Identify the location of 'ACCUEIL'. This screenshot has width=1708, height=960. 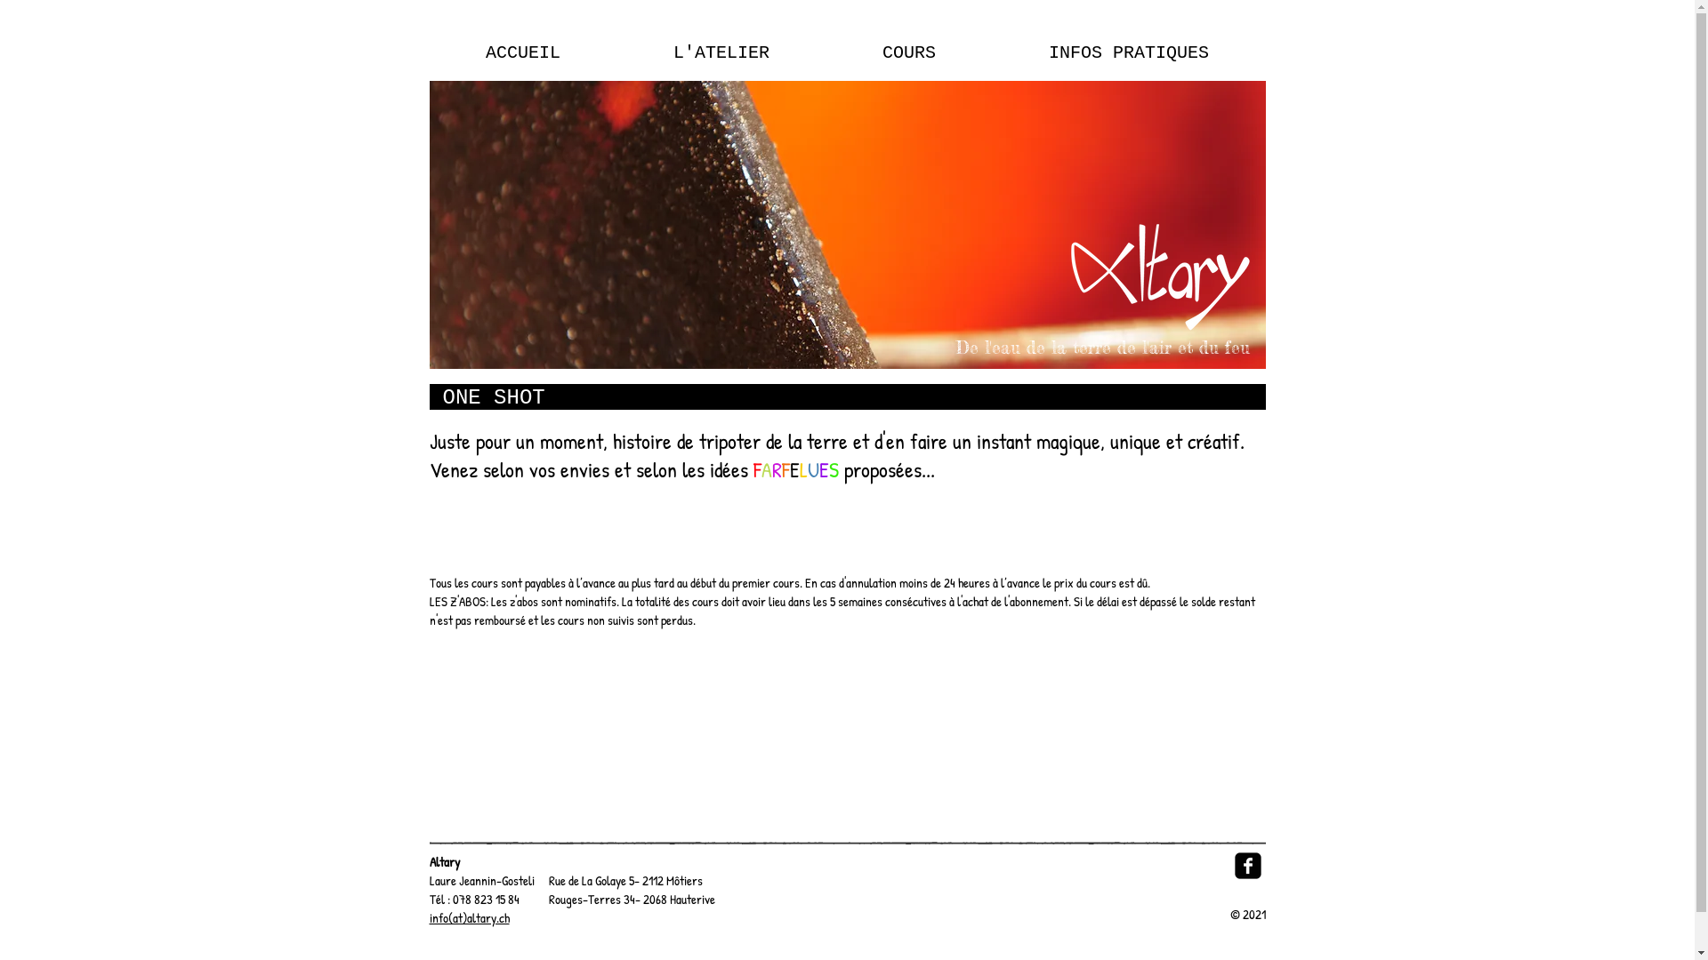
(521, 52).